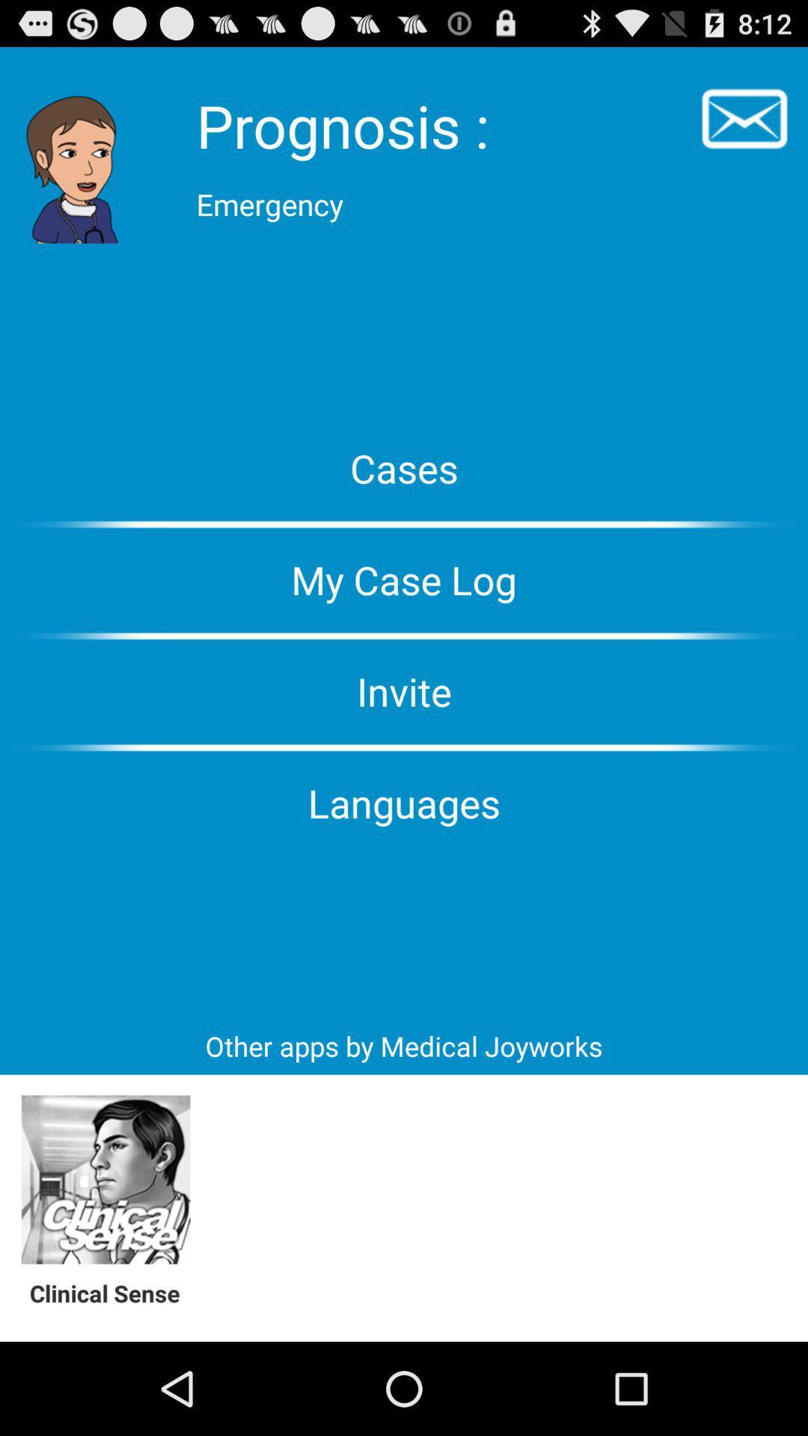 The height and width of the screenshot is (1436, 808). What do you see at coordinates (105, 1179) in the screenshot?
I see `icon above the clinical sense` at bounding box center [105, 1179].